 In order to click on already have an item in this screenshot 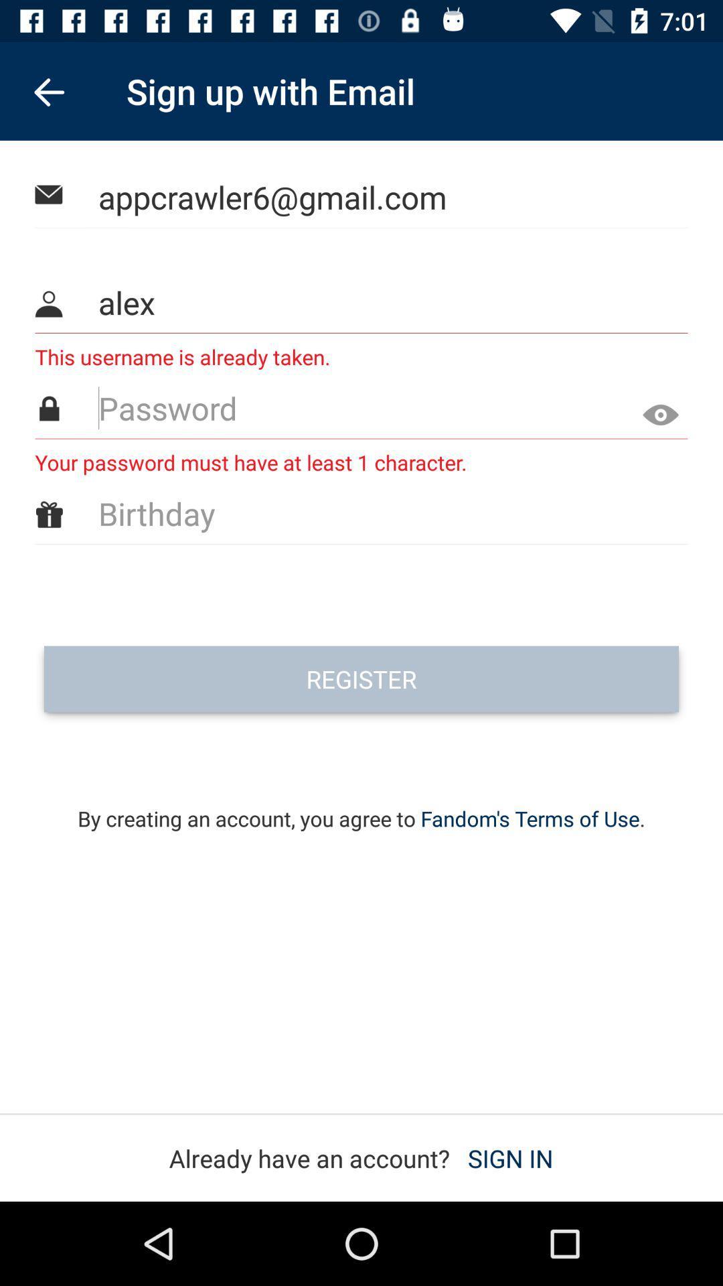, I will do `click(360, 1157)`.